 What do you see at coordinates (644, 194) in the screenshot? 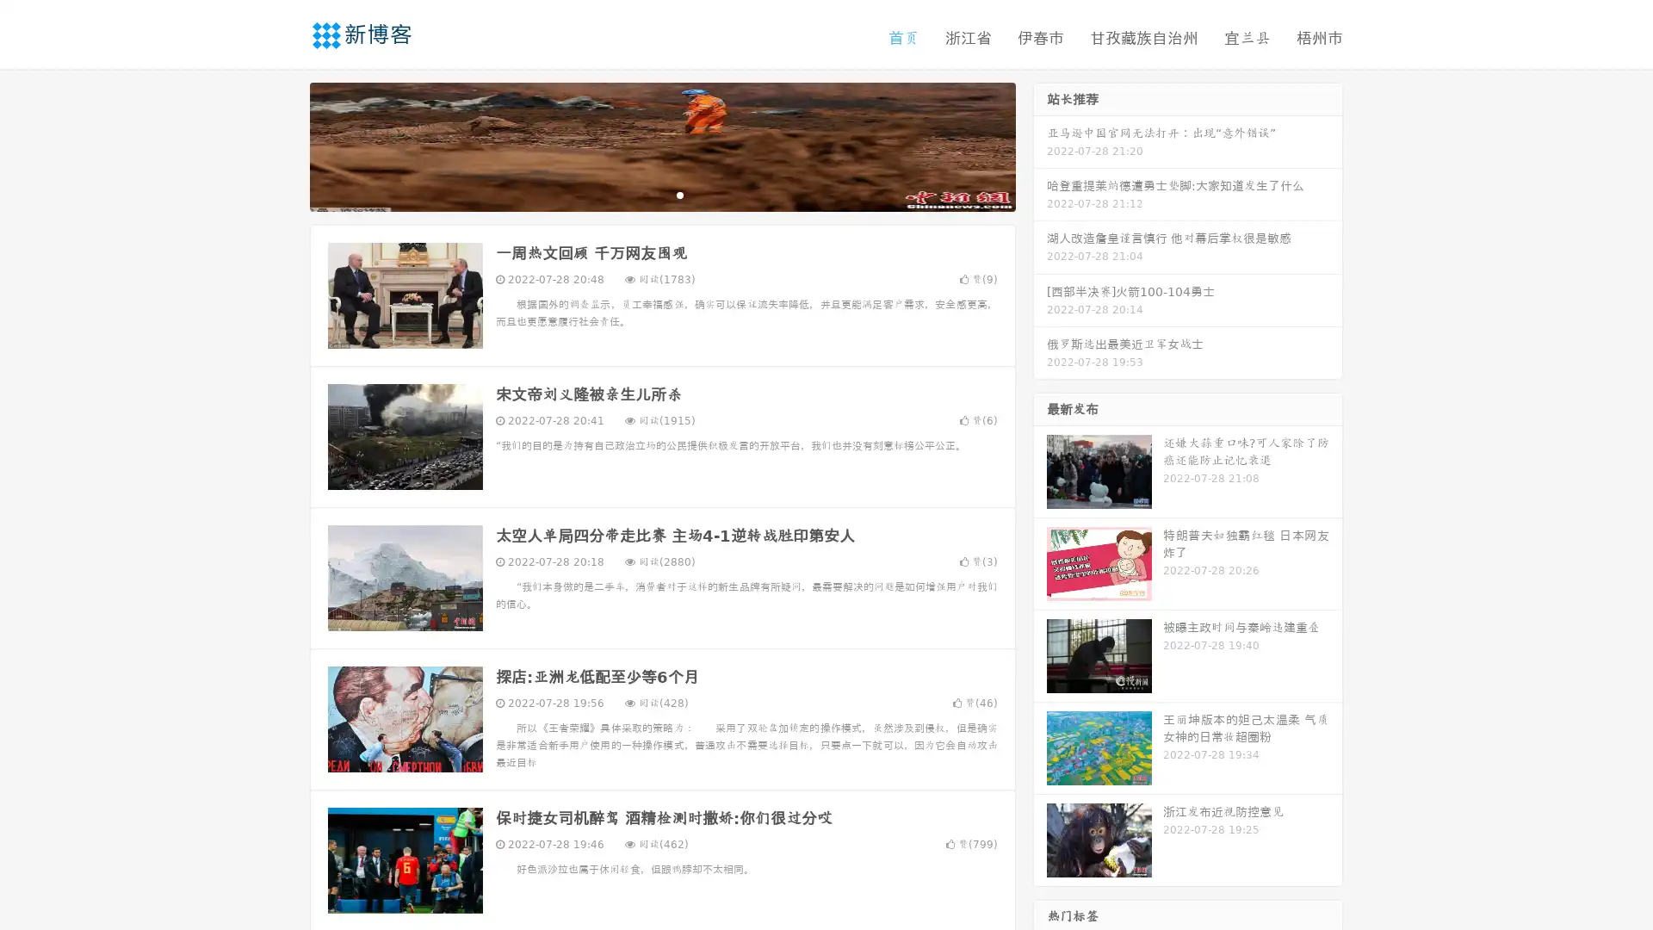
I see `Go to slide 1` at bounding box center [644, 194].